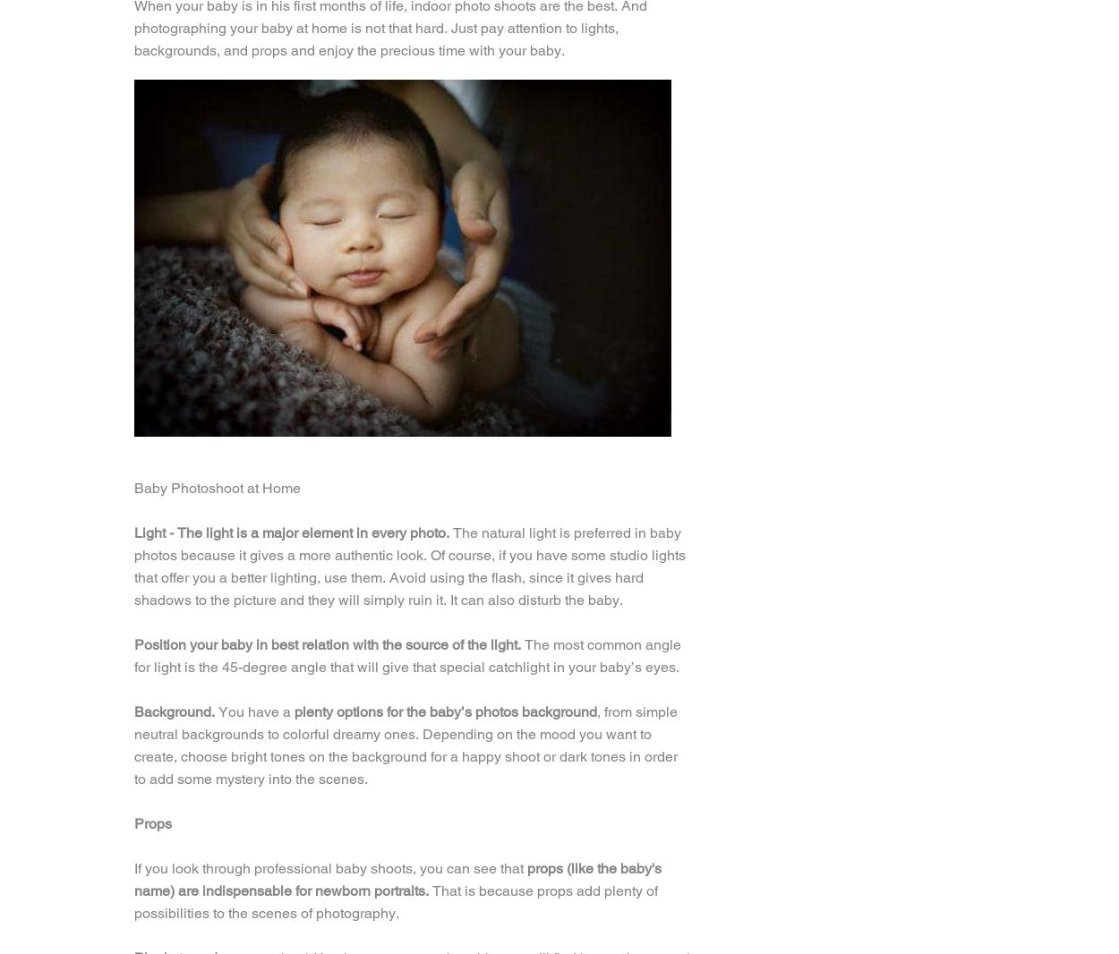  What do you see at coordinates (406, 654) in the screenshot?
I see `'The most common angle for light is the 45-degree angle that will give that special catchlight in your baby’s eyes.'` at bounding box center [406, 654].